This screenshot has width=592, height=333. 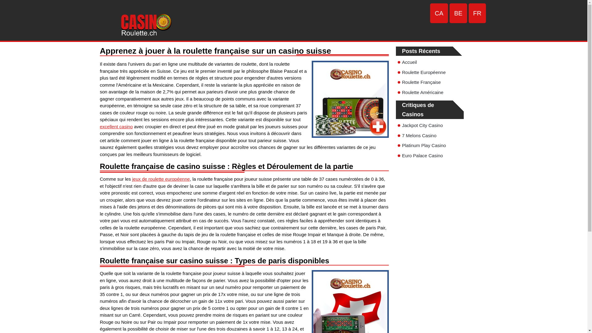 I want to click on 'Platinum Play Casino', so click(x=424, y=145).